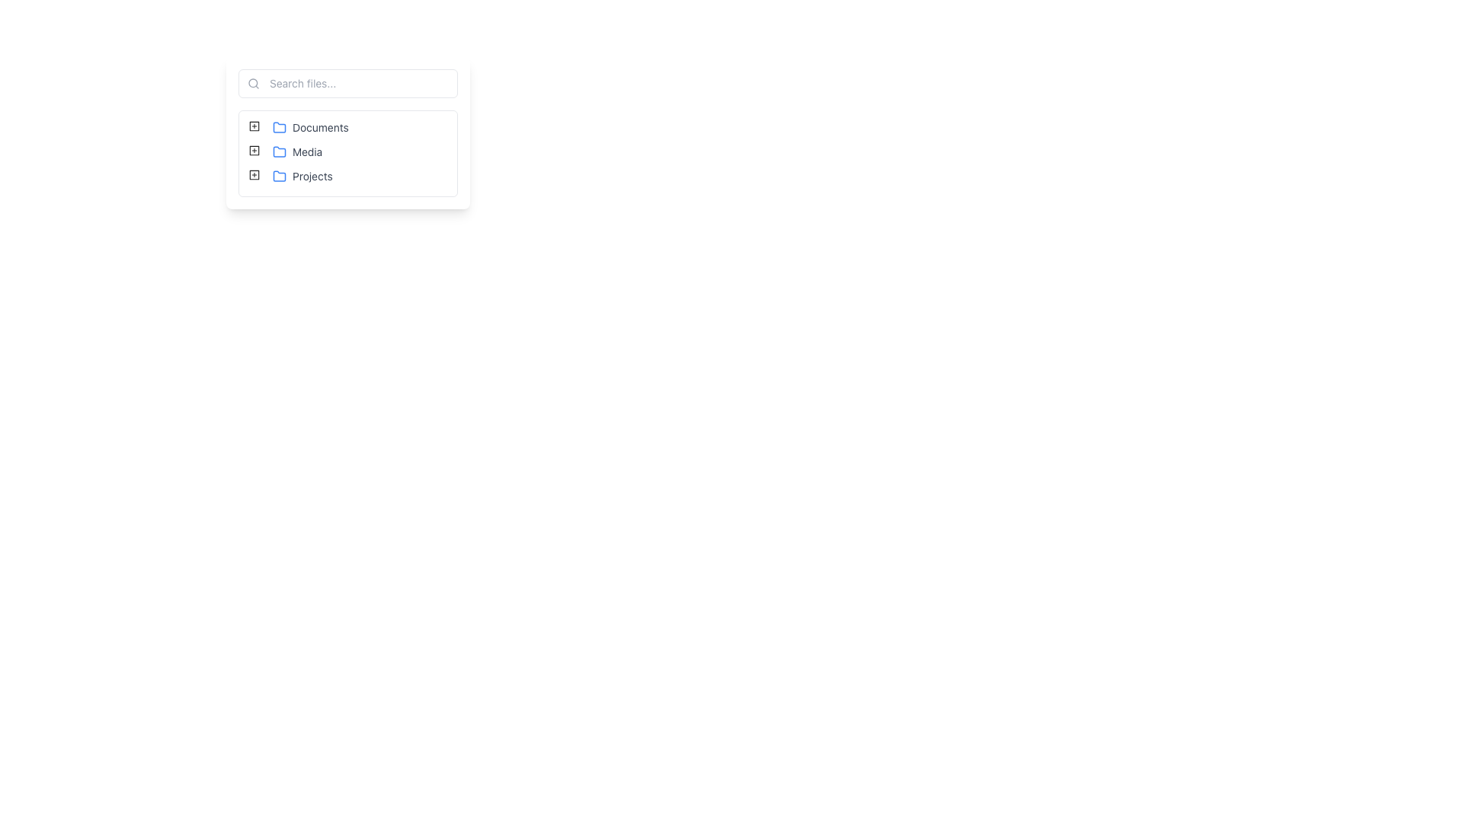 The image size is (1463, 822). I want to click on the 'Projects' text label, so click(303, 175).